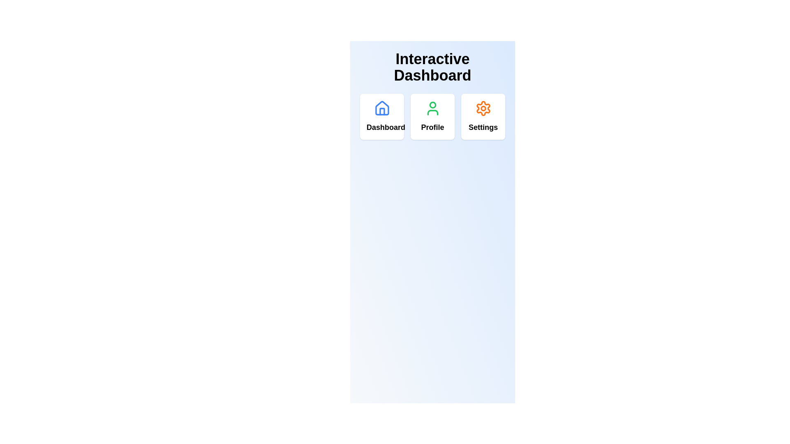 The width and height of the screenshot is (790, 444). Describe the element at coordinates (432, 117) in the screenshot. I see `the 'Profile' button, which is a tile-shaped UI component with a white background, rounded corners, and a green user icon at the top-center, to trigger any hover-related UI response` at that location.